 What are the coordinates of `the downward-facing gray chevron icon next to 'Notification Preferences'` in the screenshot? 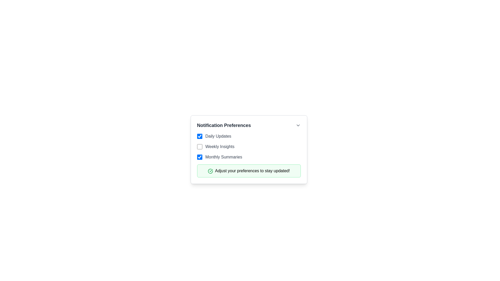 It's located at (298, 125).